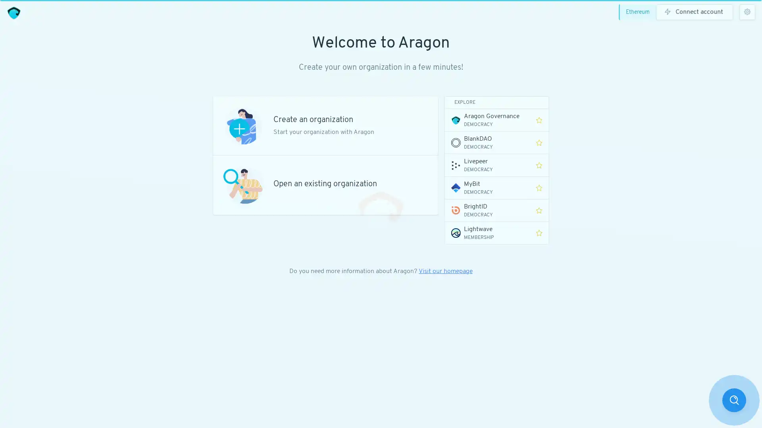  I want to click on Ethereum, so click(639, 12).